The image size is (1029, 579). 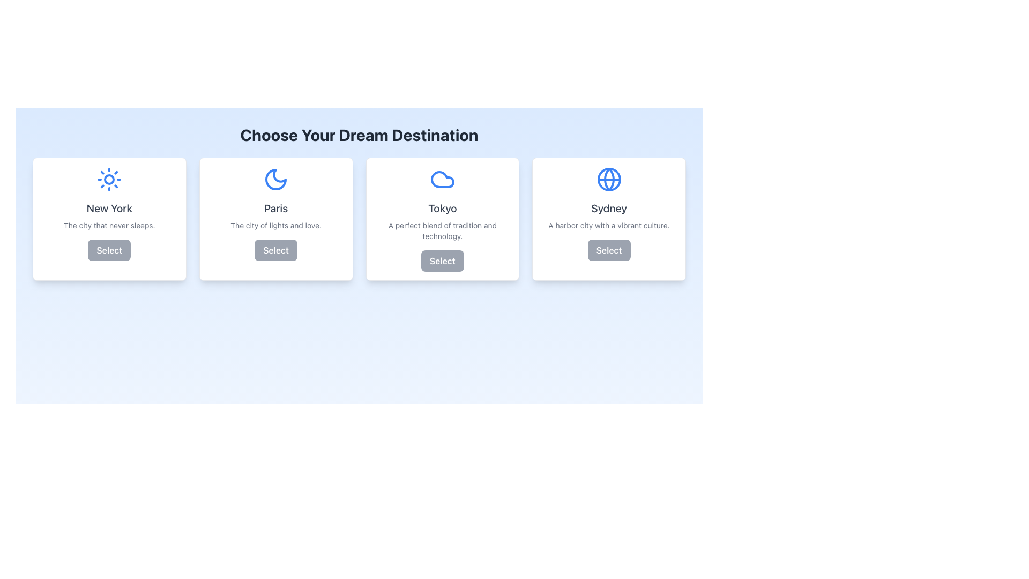 I want to click on the decorative Tokyo icon, which is located at the center of the 'Tokyo' card, the third card in a horizontal arrangement of four cards, so click(x=442, y=179).